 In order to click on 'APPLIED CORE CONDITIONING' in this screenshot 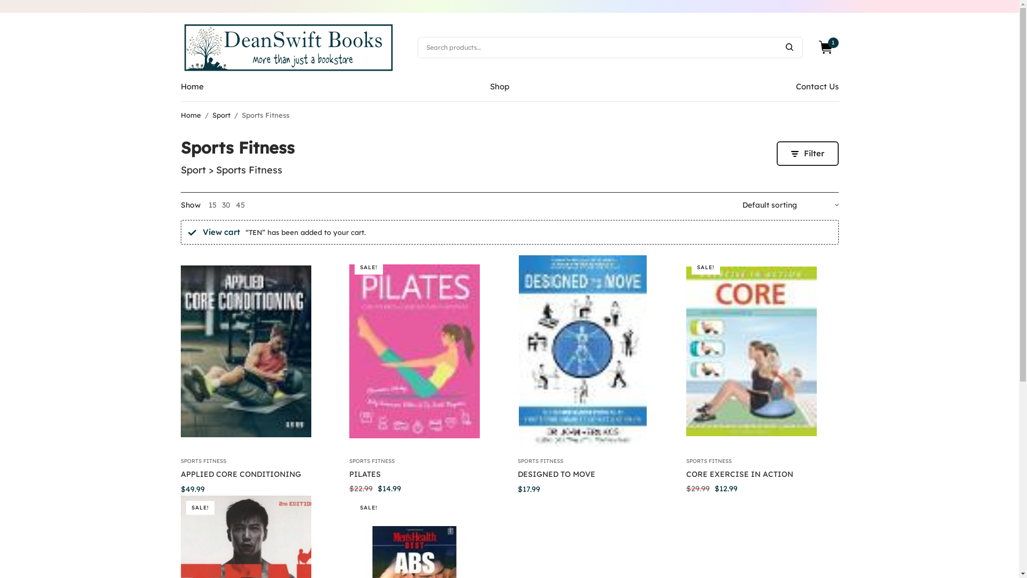, I will do `click(240, 474)`.